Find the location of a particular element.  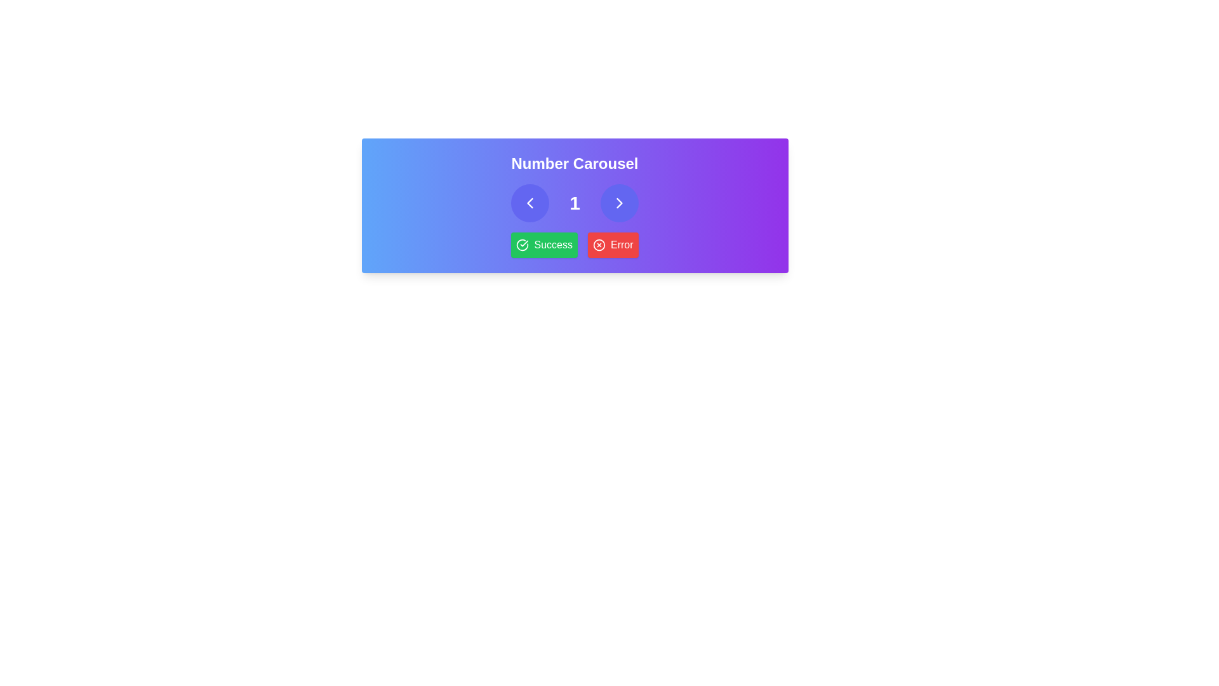

the left-pointing arrow icon within the circular button located to the left of the horizontal number selector, which is positioned next to the numeral '1' is located at coordinates (530, 203).